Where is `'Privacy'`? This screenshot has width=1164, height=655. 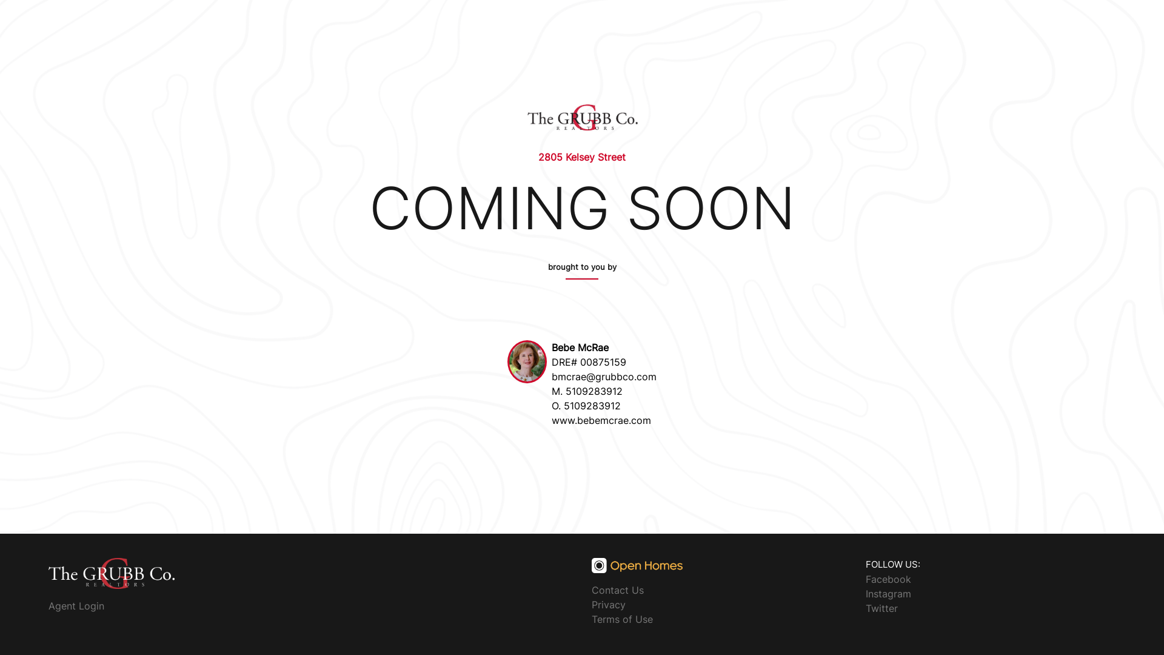
'Privacy' is located at coordinates (608, 604).